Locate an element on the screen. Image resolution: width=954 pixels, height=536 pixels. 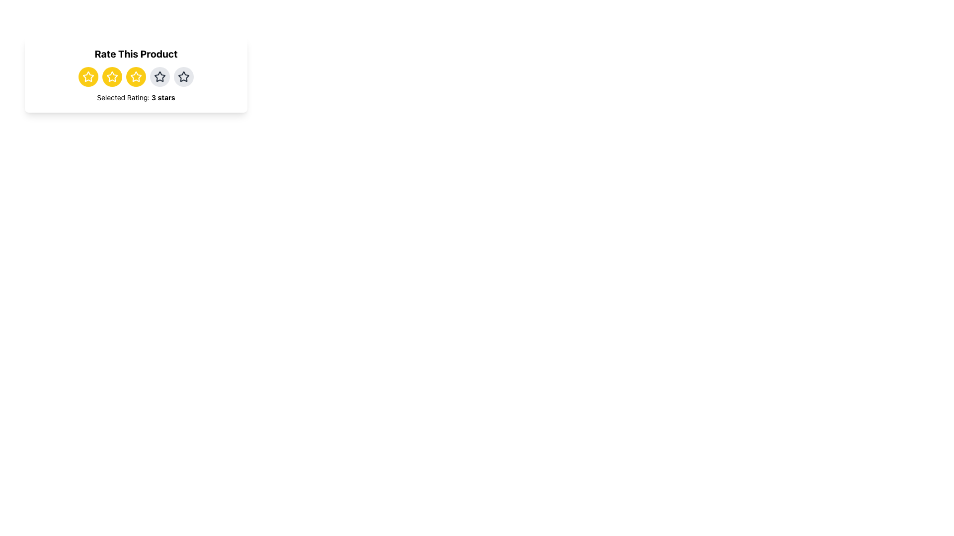
the yellow circular button with a white star icon centered in it is located at coordinates (88, 76).